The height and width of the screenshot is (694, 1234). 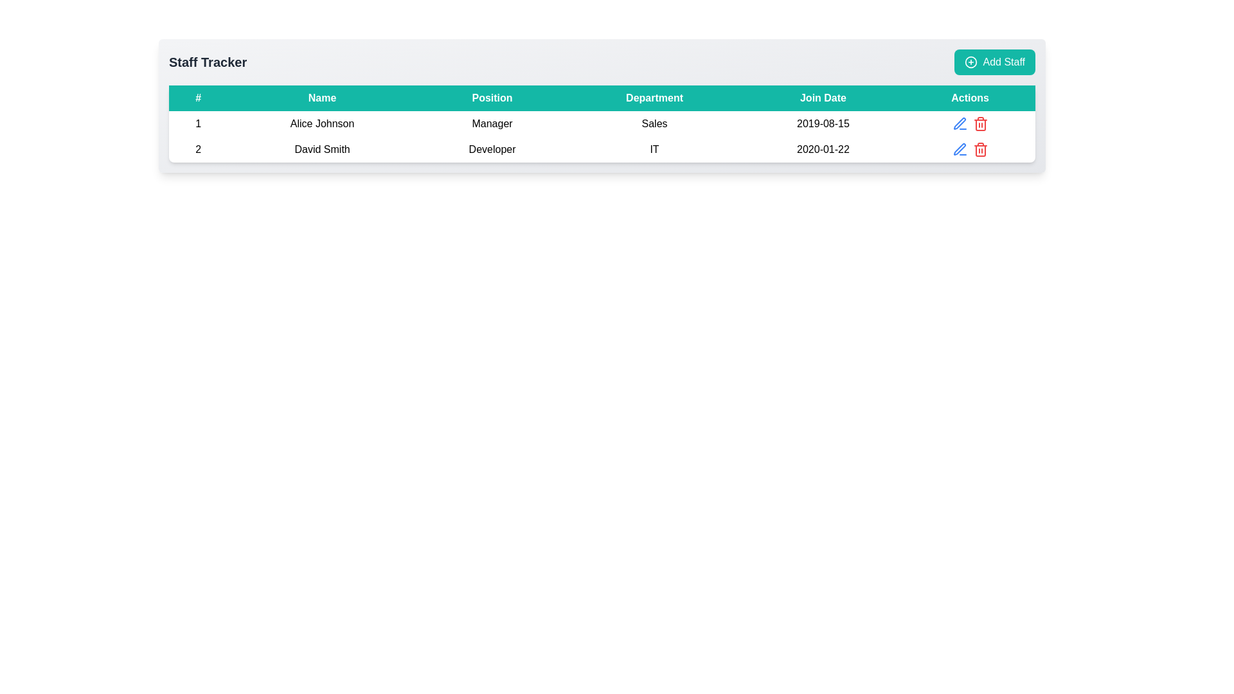 What do you see at coordinates (654, 148) in the screenshot?
I see `the department field for 'David Smith' in the Staff Tracker table, located in the fourth column of the second row` at bounding box center [654, 148].